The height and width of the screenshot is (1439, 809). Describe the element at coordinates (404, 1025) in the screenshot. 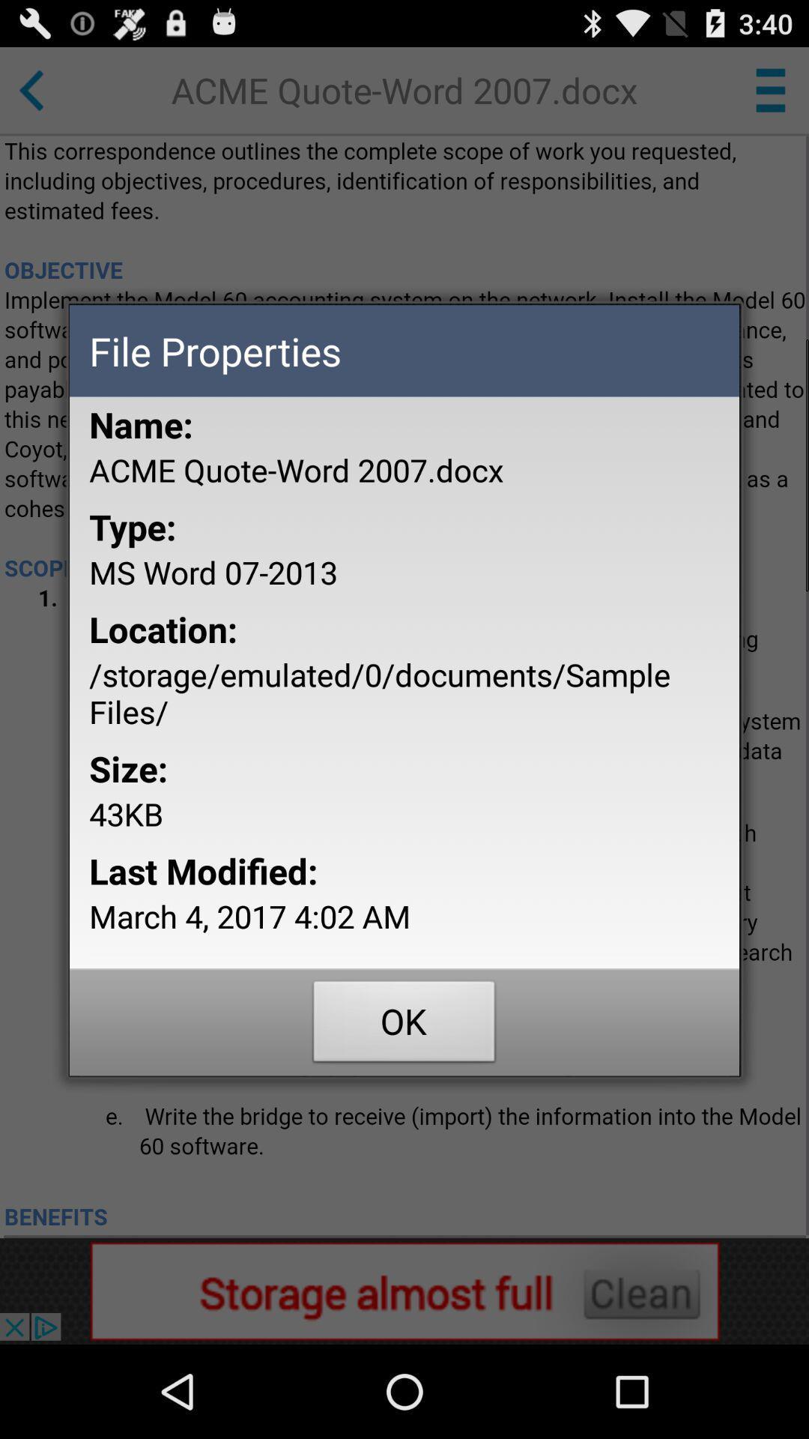

I see `ok icon` at that location.